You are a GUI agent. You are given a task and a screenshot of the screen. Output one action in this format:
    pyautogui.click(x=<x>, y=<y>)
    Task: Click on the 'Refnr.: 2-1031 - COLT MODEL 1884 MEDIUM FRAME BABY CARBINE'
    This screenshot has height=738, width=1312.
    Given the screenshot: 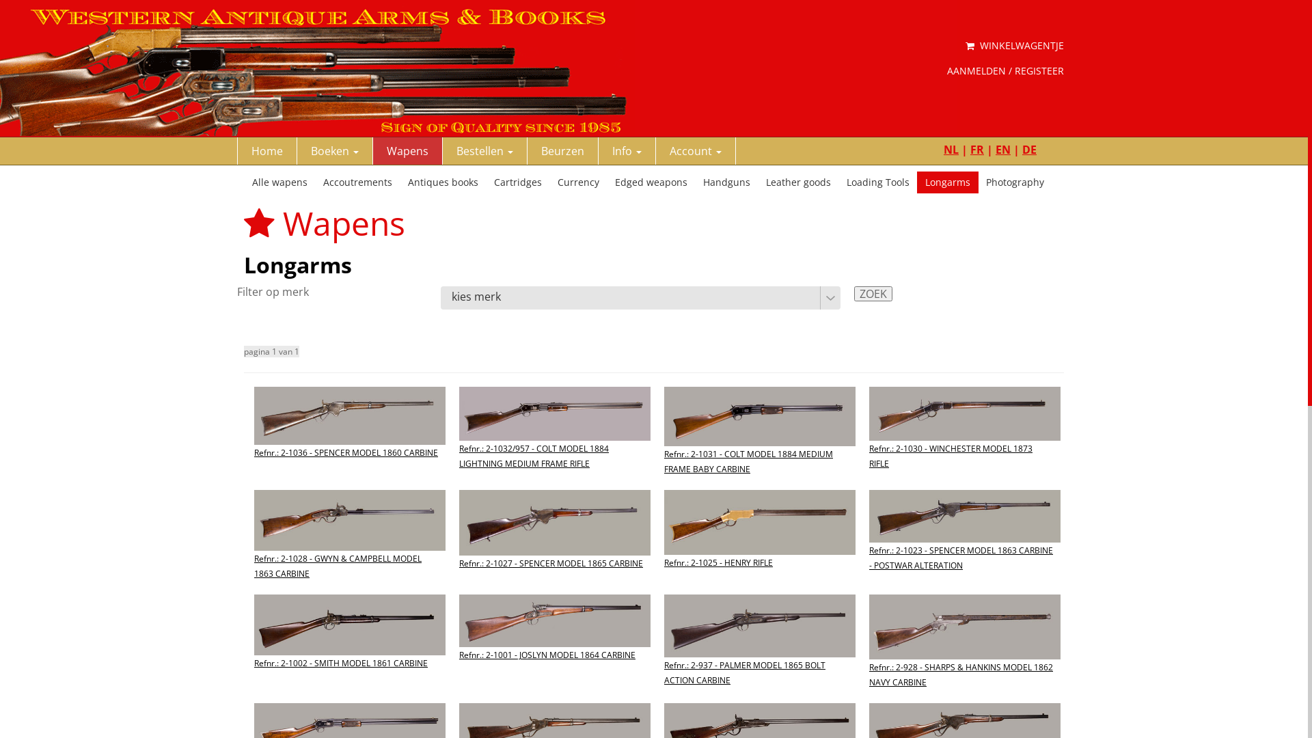 What is the action you would take?
    pyautogui.click(x=759, y=441)
    